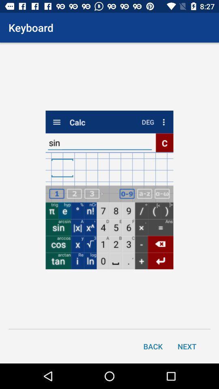  Describe the element at coordinates (153, 346) in the screenshot. I see `back item` at that location.